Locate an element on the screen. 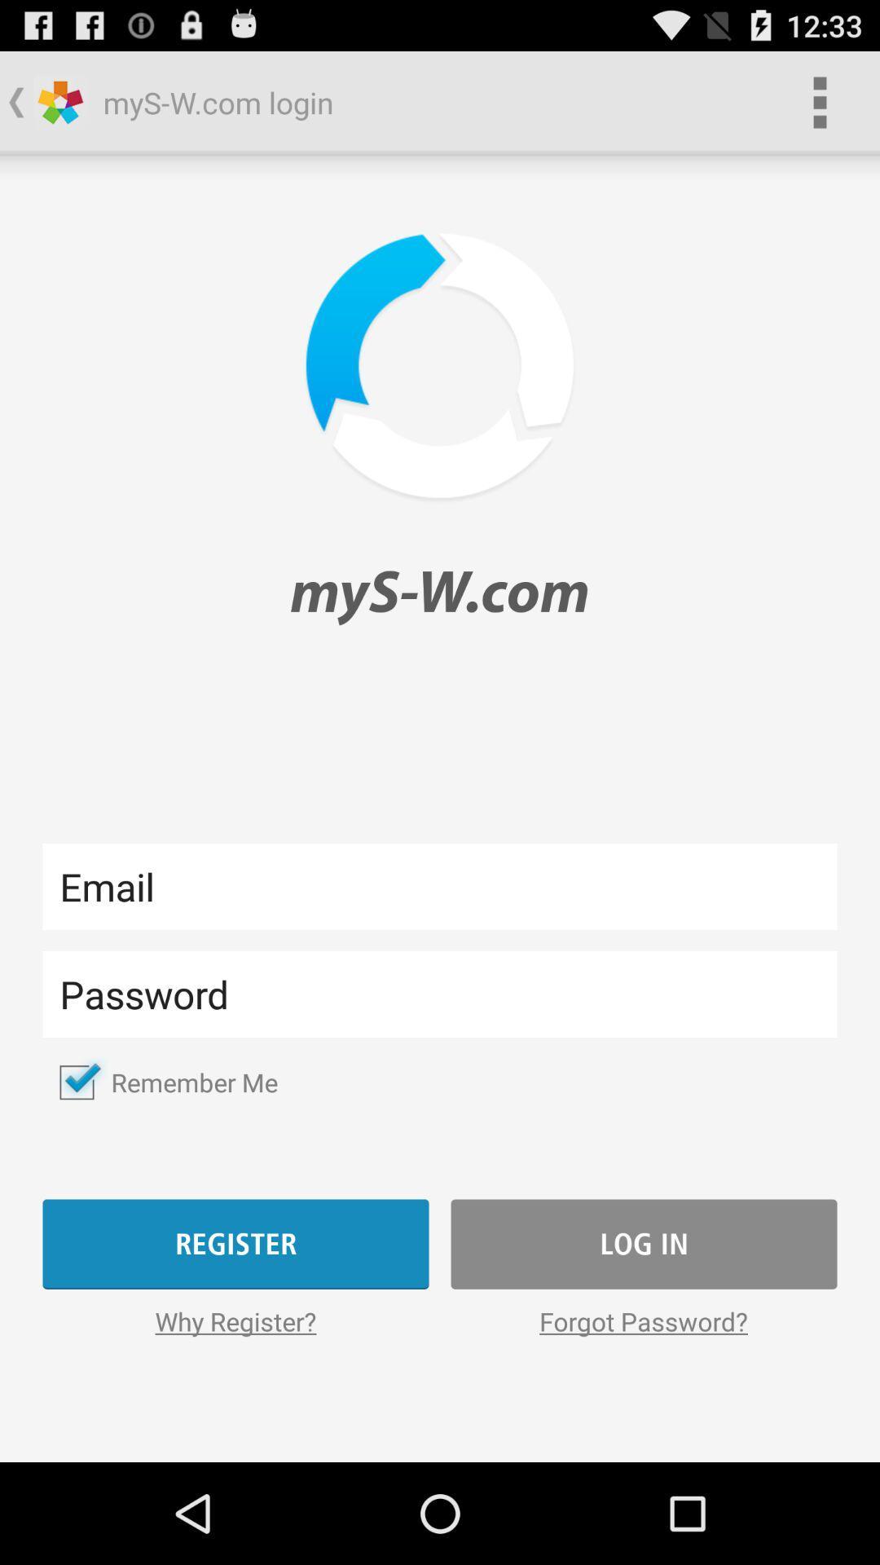  lets you enter text into the field is located at coordinates (440, 993).